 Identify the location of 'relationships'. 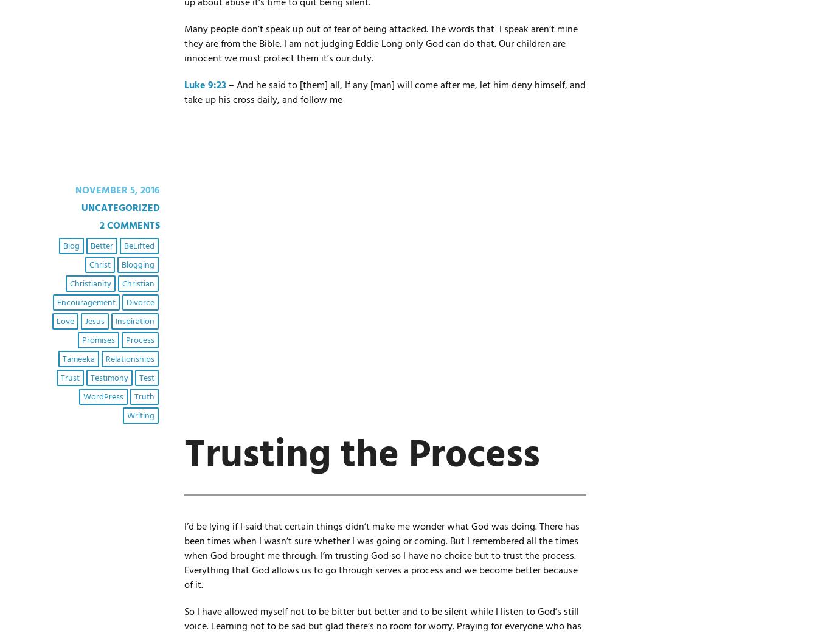
(129, 359).